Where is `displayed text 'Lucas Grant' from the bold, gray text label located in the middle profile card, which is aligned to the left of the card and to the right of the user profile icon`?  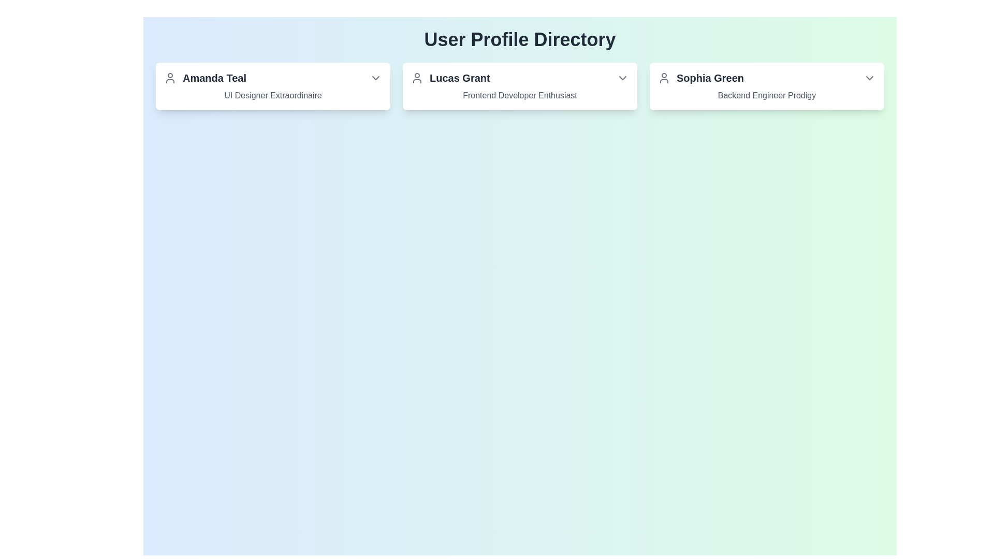
displayed text 'Lucas Grant' from the bold, gray text label located in the middle profile card, which is aligned to the left of the card and to the right of the user profile icon is located at coordinates (459, 77).